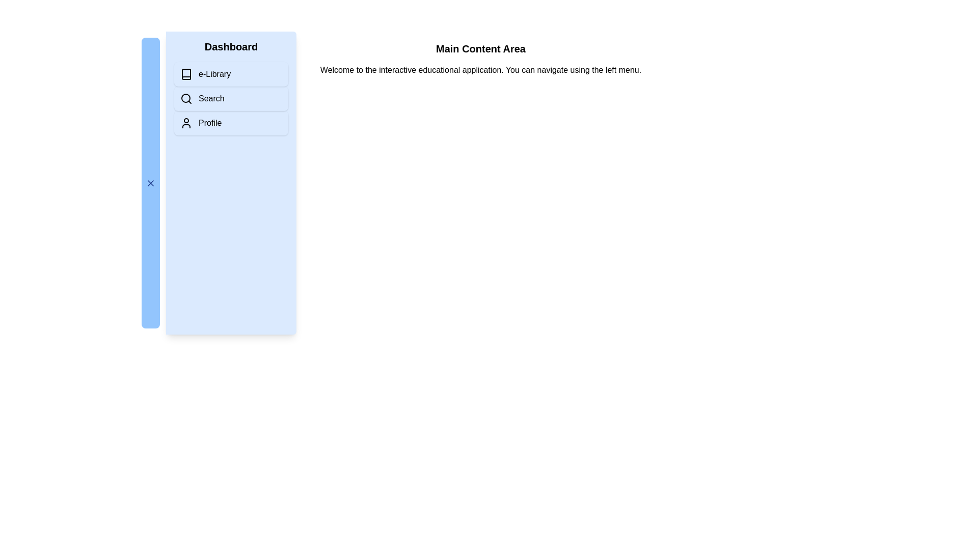 Image resolution: width=978 pixels, height=550 pixels. What do you see at coordinates (186, 98) in the screenshot?
I see `the search icon, which is a magnifying glass outlined in black, located in the sidebar menu labeled 'Search'` at bounding box center [186, 98].